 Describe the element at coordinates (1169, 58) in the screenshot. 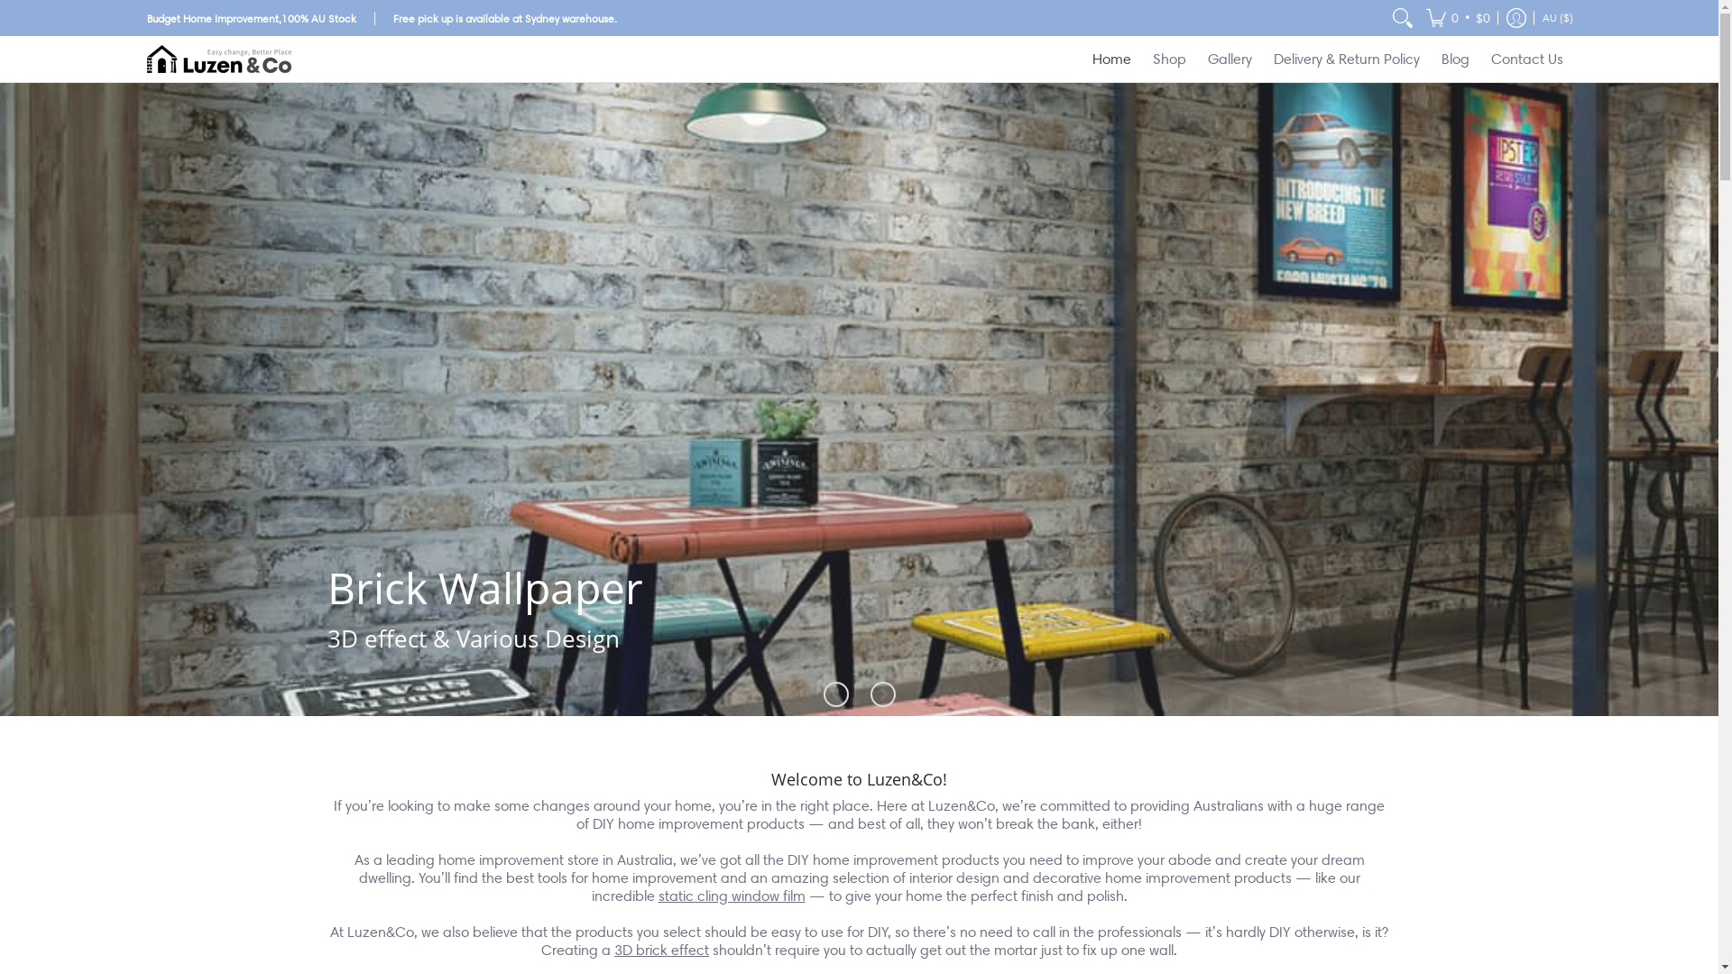

I see `'Shop'` at that location.